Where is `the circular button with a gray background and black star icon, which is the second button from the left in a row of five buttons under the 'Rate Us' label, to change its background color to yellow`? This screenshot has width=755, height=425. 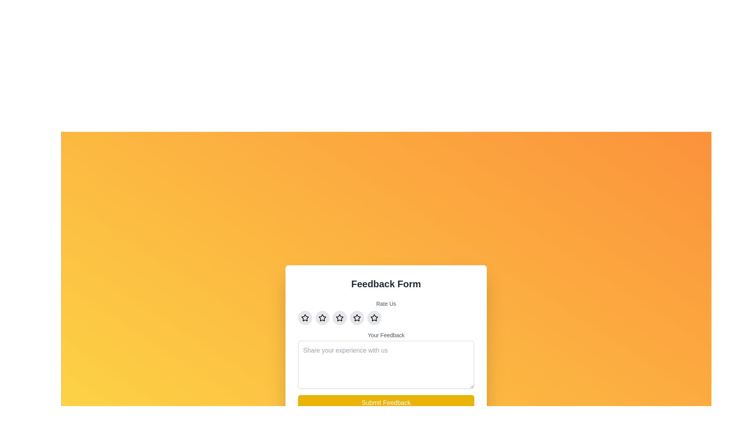 the circular button with a gray background and black star icon, which is the second button from the left in a row of five buttons under the 'Rate Us' label, to change its background color to yellow is located at coordinates (322, 317).